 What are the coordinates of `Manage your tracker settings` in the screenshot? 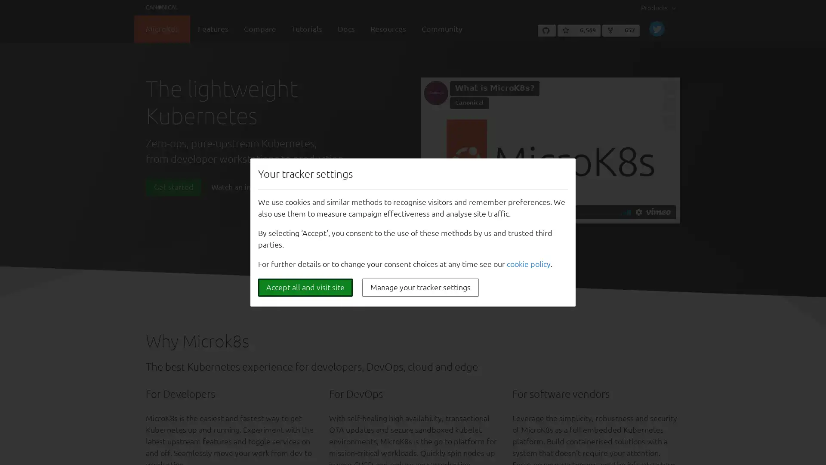 It's located at (420, 287).